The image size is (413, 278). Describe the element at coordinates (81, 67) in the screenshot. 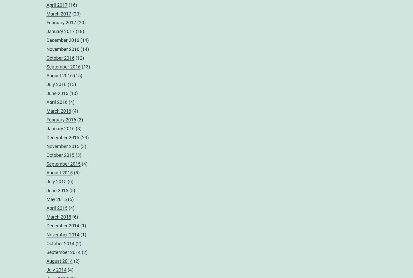

I see `'(13)'` at that location.